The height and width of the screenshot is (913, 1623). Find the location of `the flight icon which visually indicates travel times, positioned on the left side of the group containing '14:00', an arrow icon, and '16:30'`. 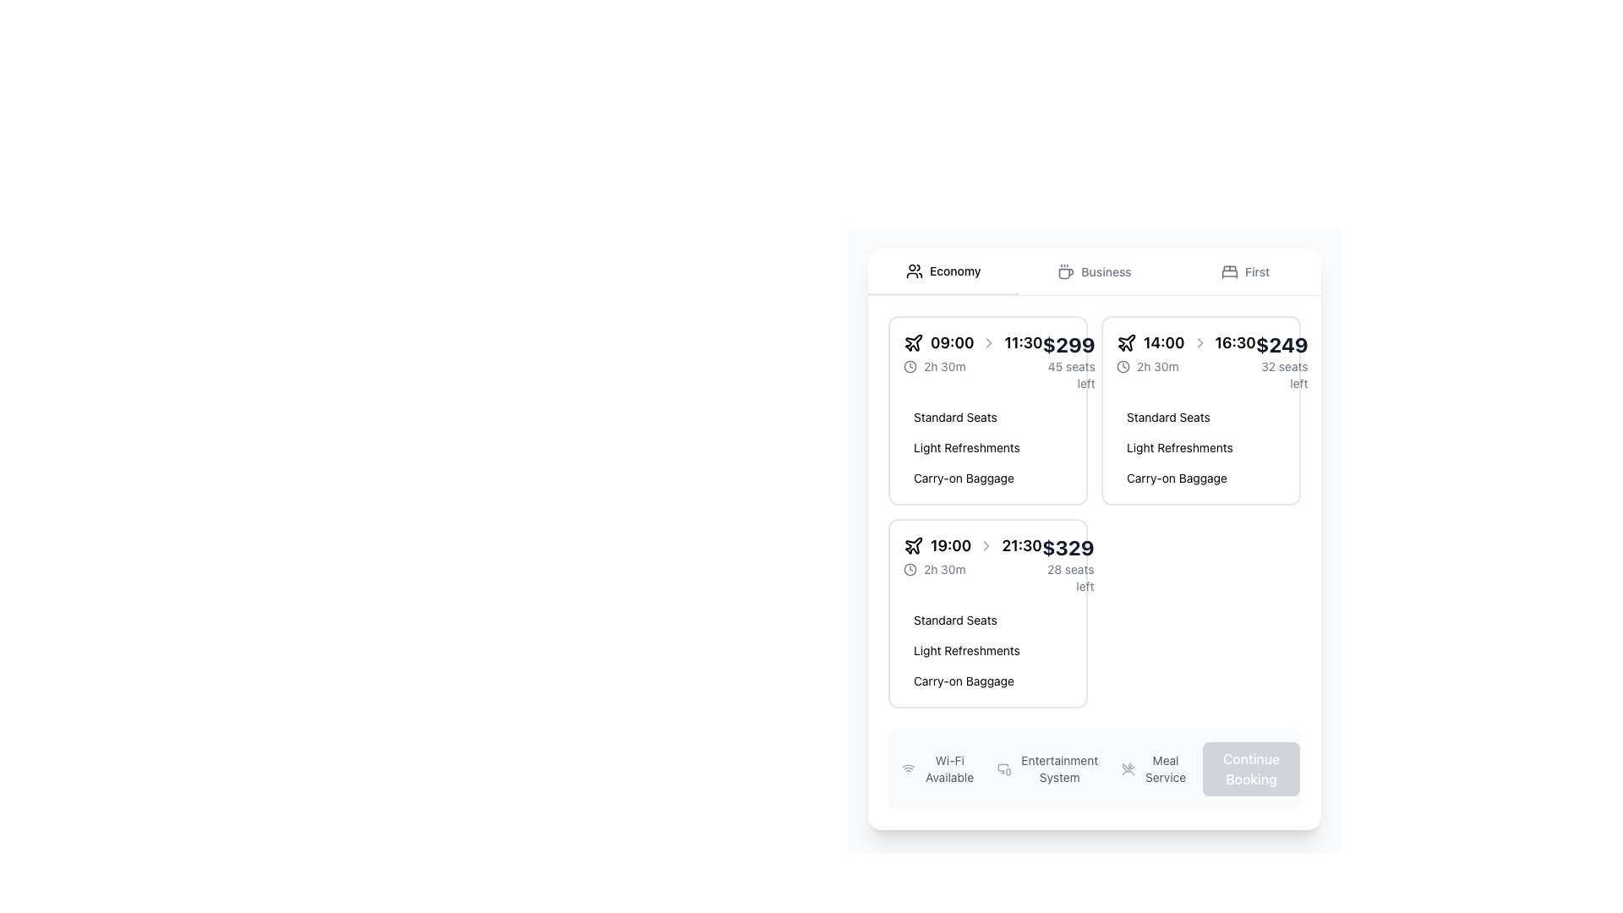

the flight icon which visually indicates travel times, positioned on the left side of the group containing '14:00', an arrow icon, and '16:30' is located at coordinates (1127, 342).